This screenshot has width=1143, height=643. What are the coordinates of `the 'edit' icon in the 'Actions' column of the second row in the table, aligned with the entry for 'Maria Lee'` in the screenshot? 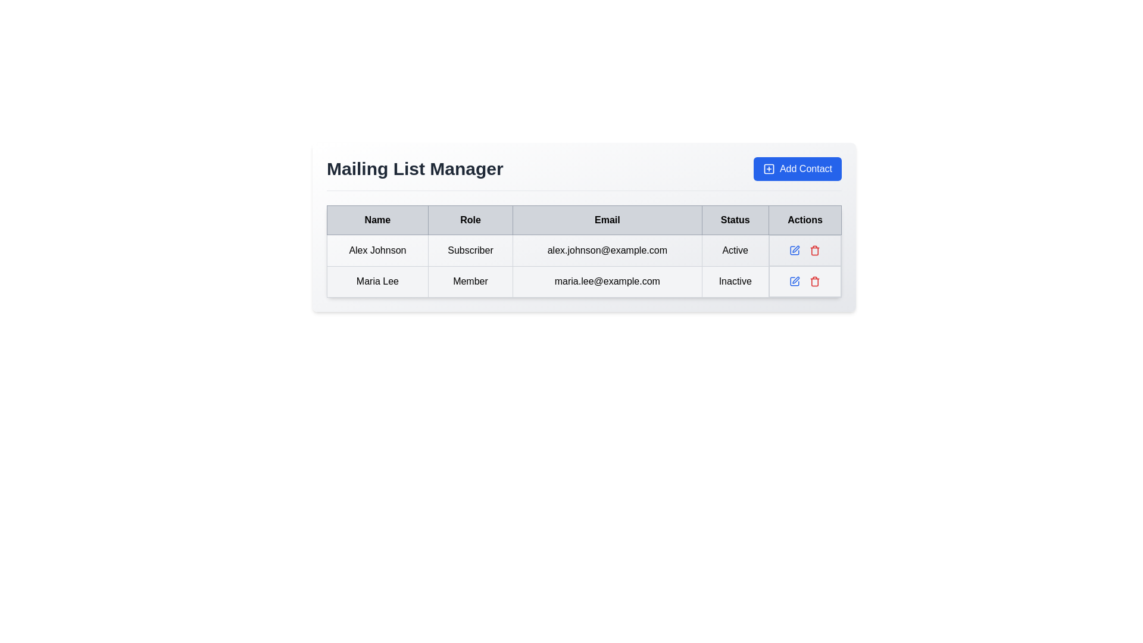 It's located at (795, 249).